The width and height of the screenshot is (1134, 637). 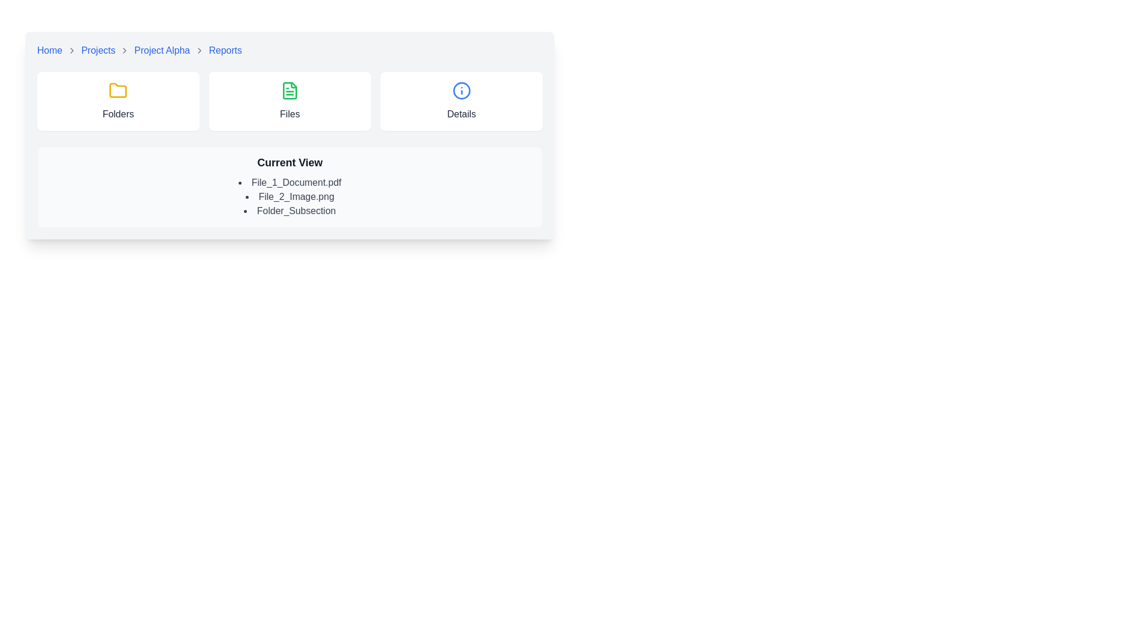 What do you see at coordinates (289, 90) in the screenshot?
I see `the document icon representing the 'Files' section, located between the 'Folders' icon and the 'Details' icon, near the top-center of the interface` at bounding box center [289, 90].